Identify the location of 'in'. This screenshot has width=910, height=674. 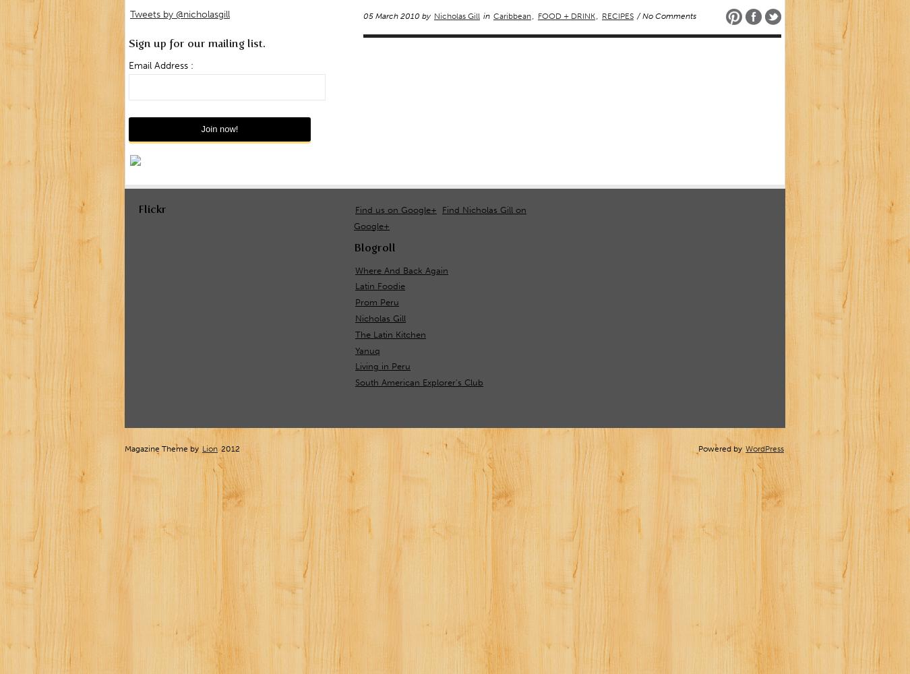
(481, 16).